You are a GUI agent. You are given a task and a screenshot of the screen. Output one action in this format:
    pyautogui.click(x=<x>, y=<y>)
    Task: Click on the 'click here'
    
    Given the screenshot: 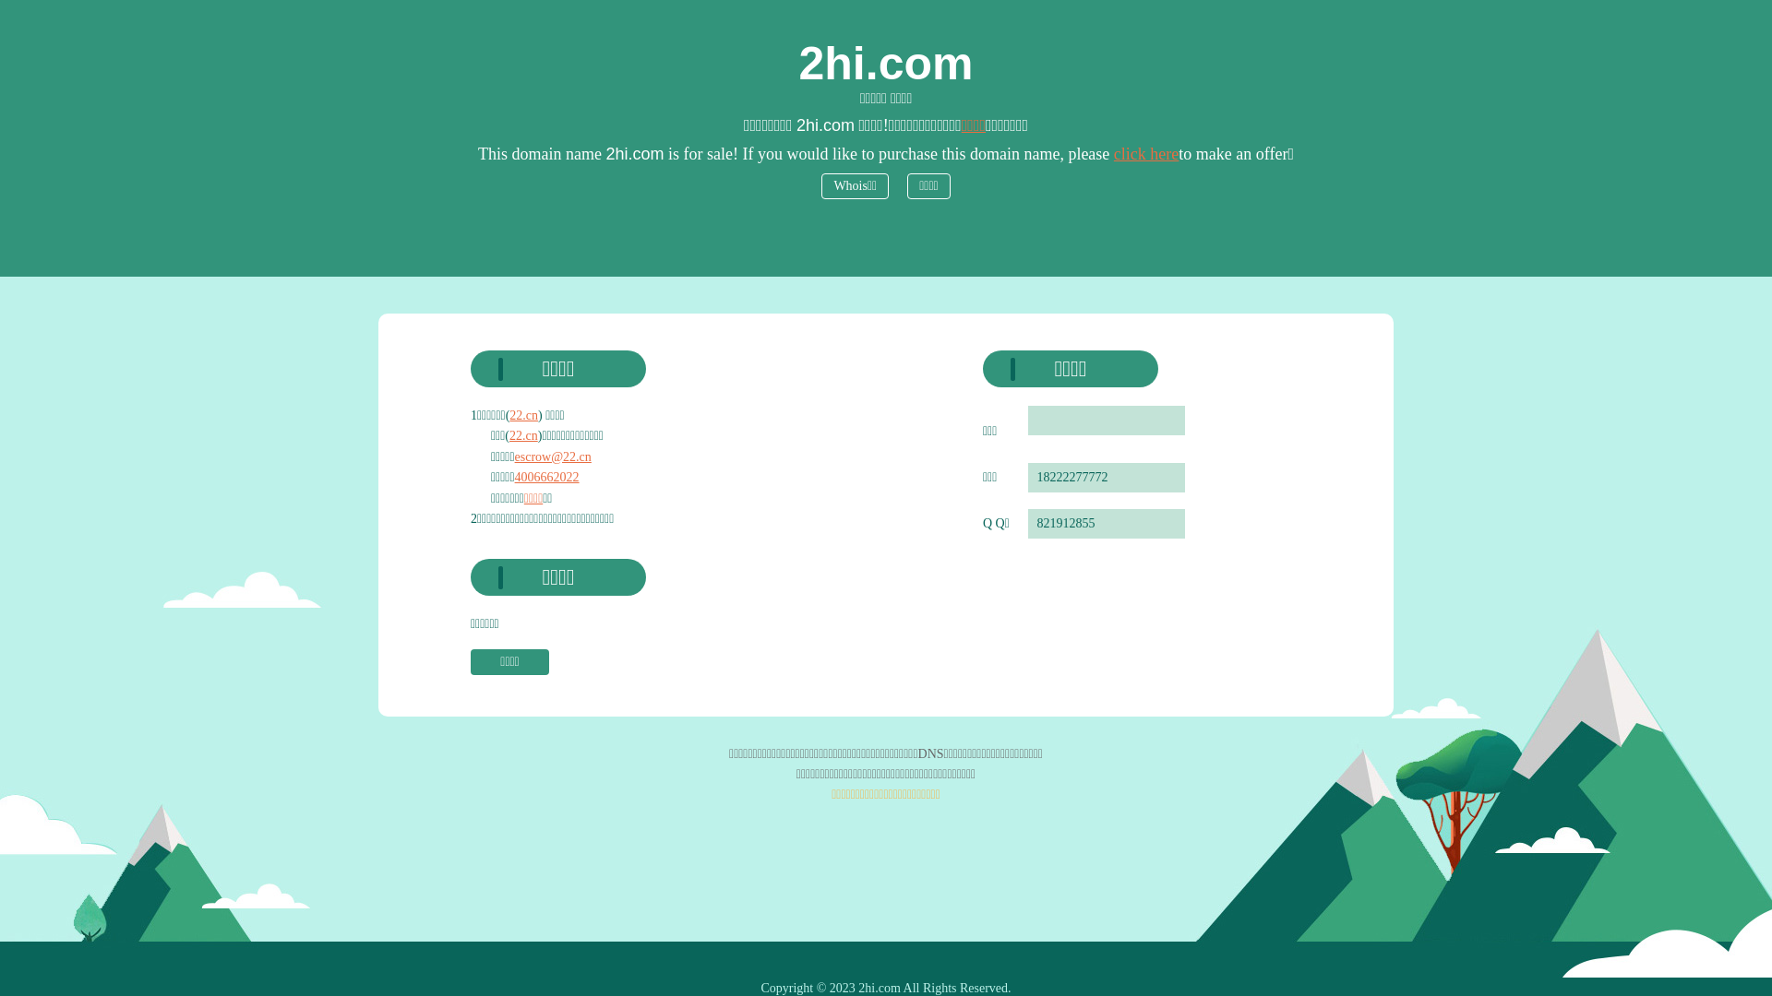 What is the action you would take?
    pyautogui.click(x=1145, y=152)
    